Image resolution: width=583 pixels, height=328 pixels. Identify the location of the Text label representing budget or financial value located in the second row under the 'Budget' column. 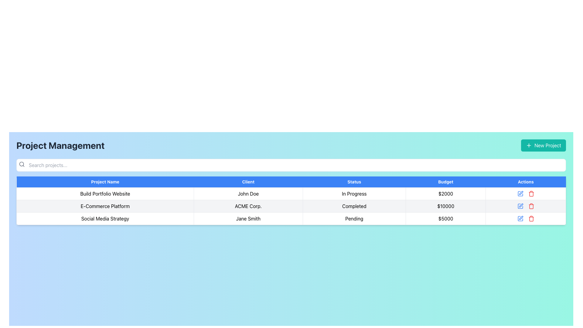
(446, 206).